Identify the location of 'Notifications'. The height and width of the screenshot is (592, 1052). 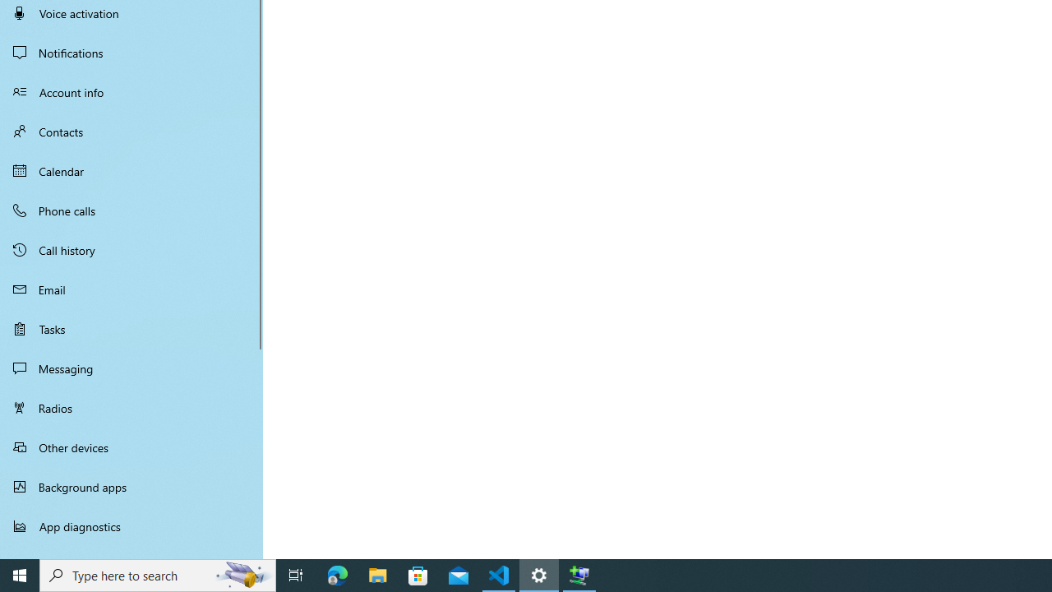
(131, 52).